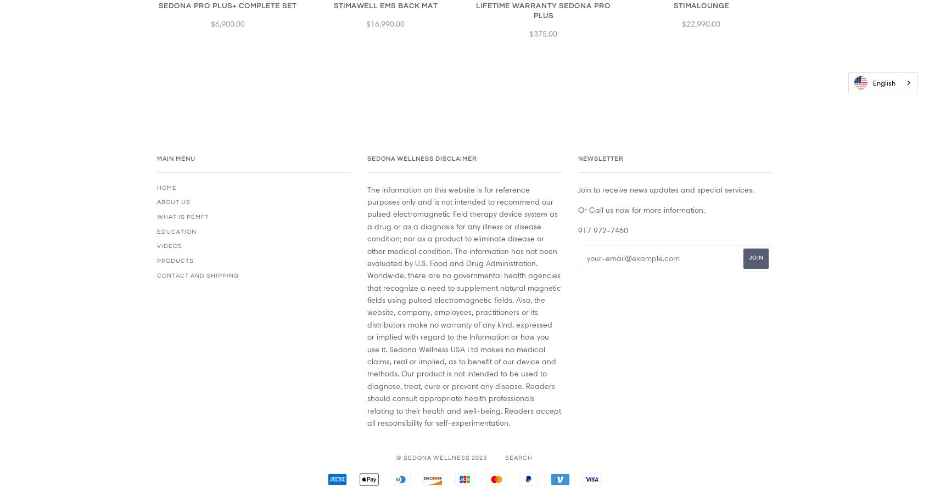  Describe the element at coordinates (385, 27) in the screenshot. I see `'$16,990.00'` at that location.